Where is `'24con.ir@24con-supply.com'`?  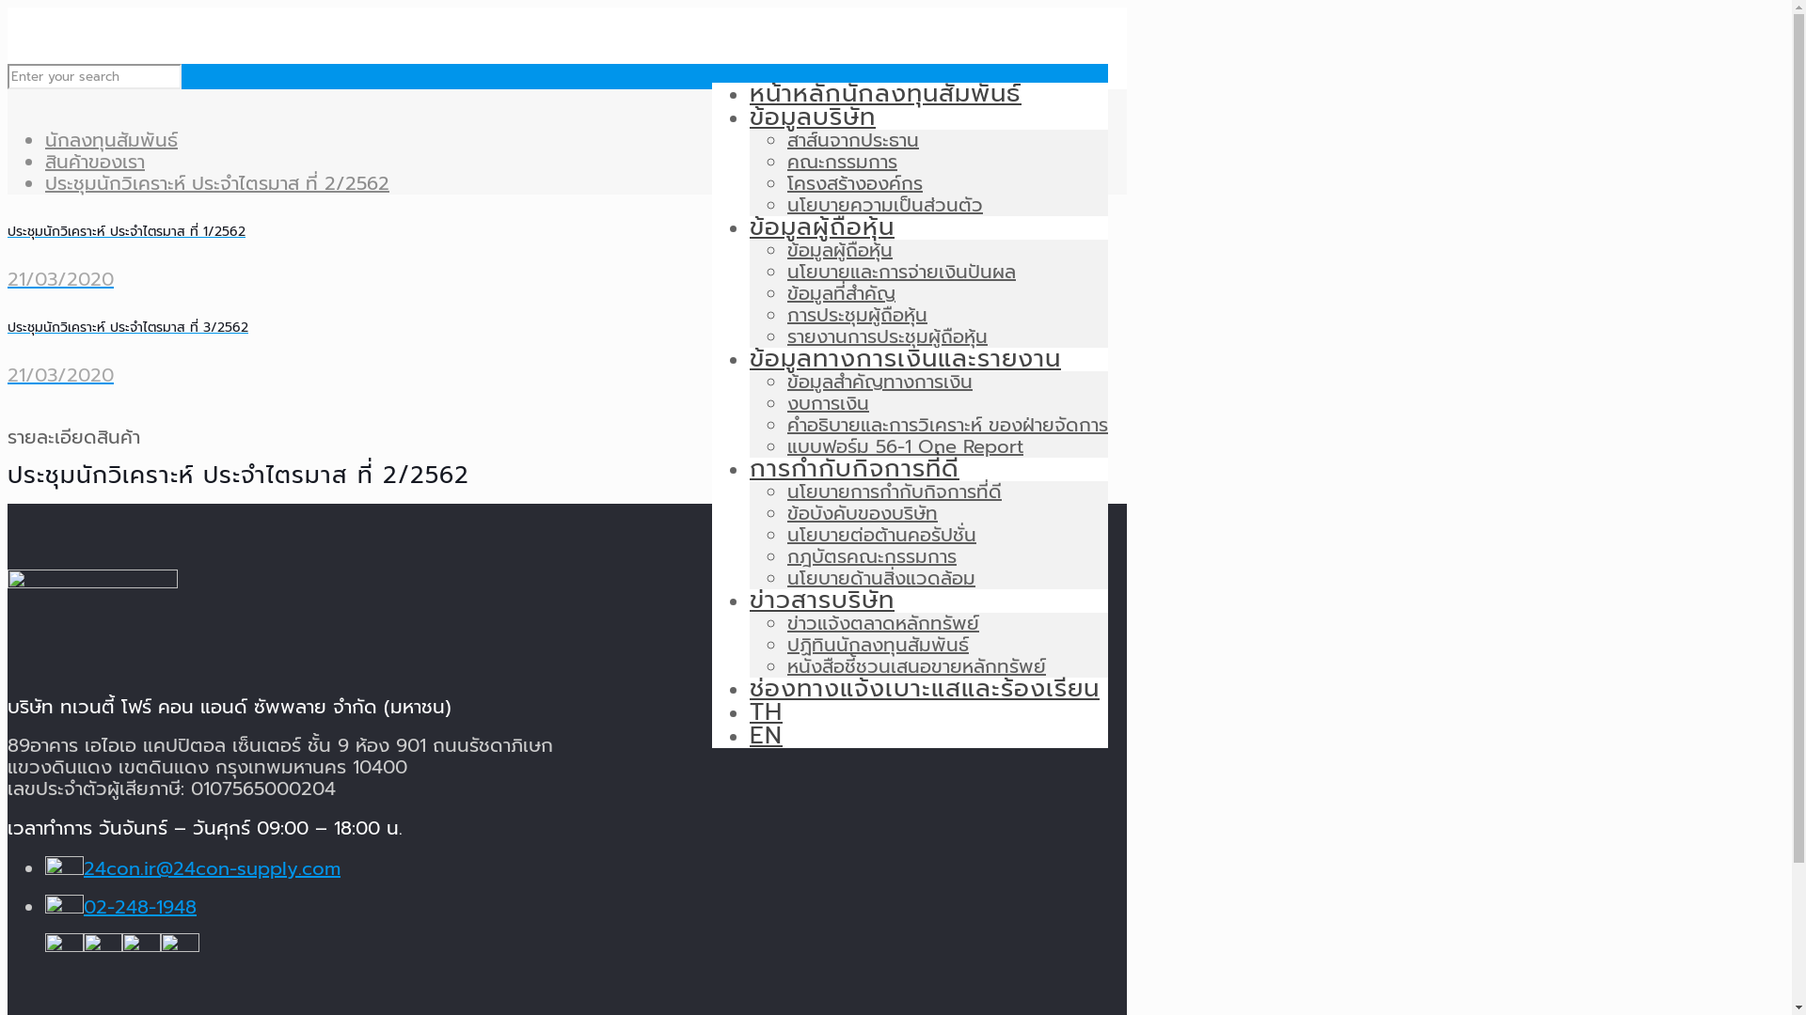 '24con.ir@24con-supply.com' is located at coordinates (212, 868).